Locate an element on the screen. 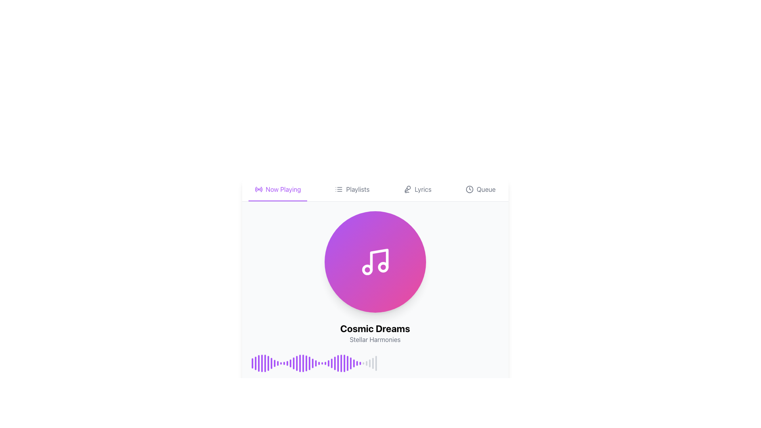 The image size is (761, 428). the Audio visualizer located below the titles 'Cosmic Dreams' and 'Stellar Harmonies' for additional functionality is located at coordinates (375, 363).